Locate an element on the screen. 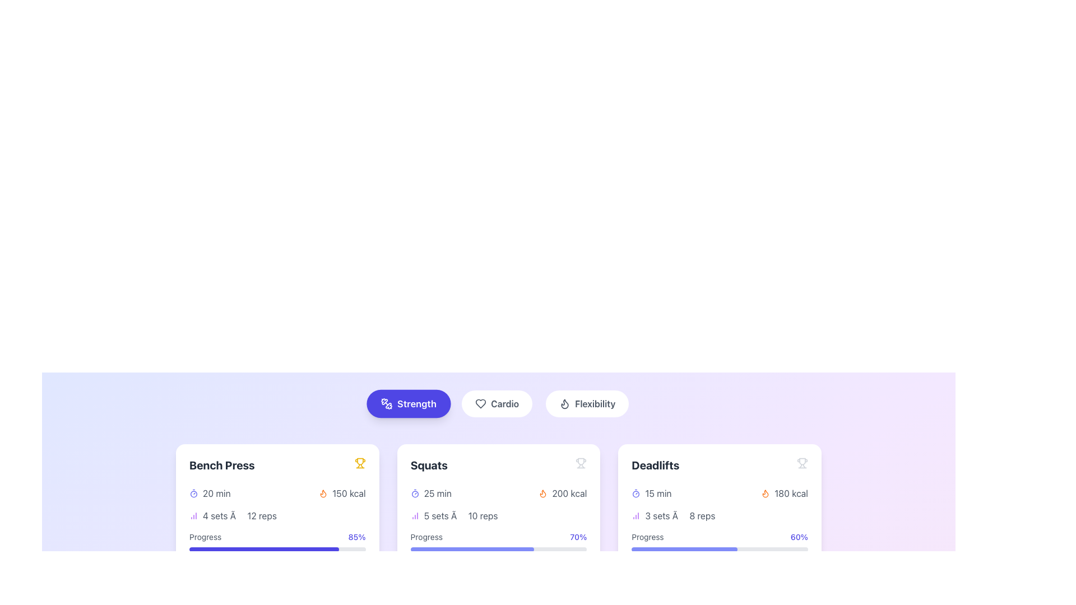 The height and width of the screenshot is (605, 1076). displayed information on the label showing '15 minutes' associated with the 'Deadlifts' activity, located in the top-left corner of the 'Deadlifts' card is located at coordinates (651, 492).